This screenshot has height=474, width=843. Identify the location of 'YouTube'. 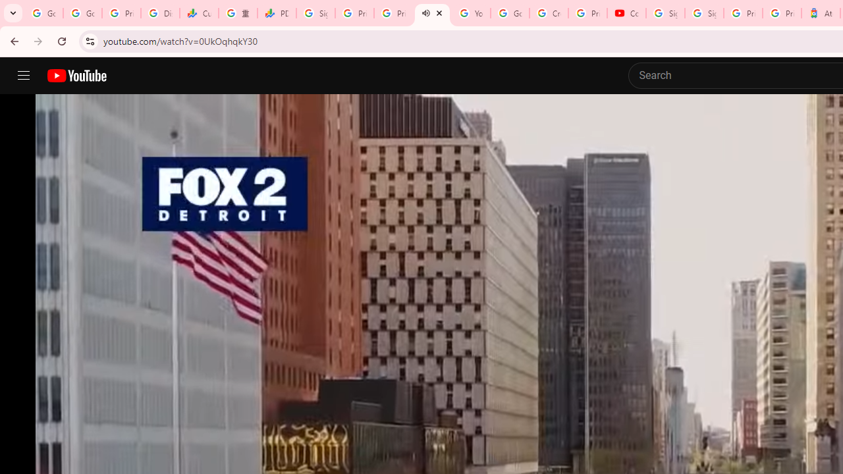
(471, 13).